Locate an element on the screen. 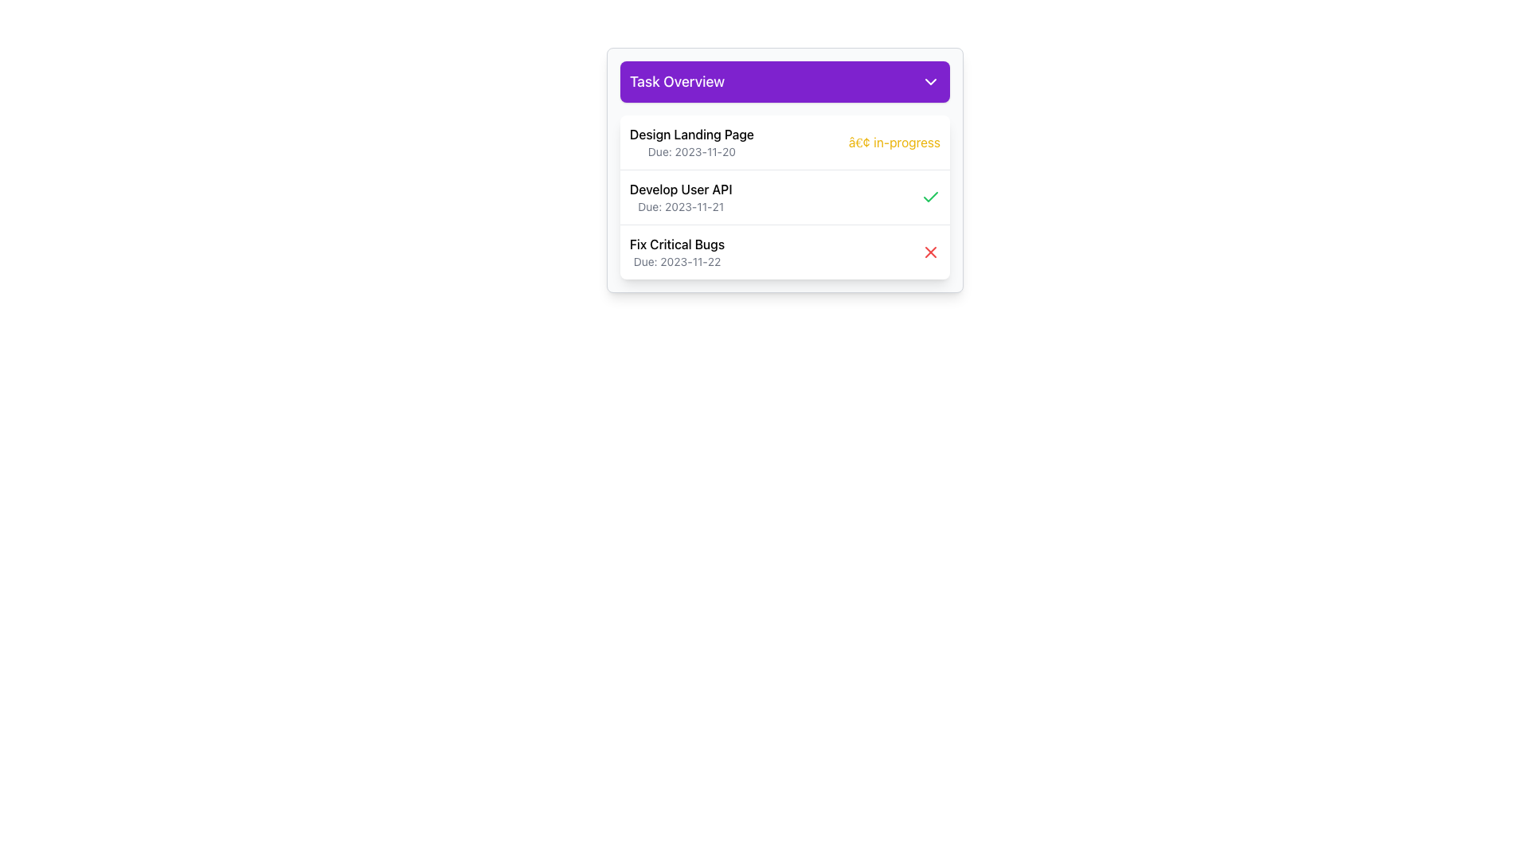 The image size is (1529, 860). the text block displaying the task 'Fix Critical Bugs' located as the third item in a vertically stacked list of tasks is located at coordinates (677, 251).